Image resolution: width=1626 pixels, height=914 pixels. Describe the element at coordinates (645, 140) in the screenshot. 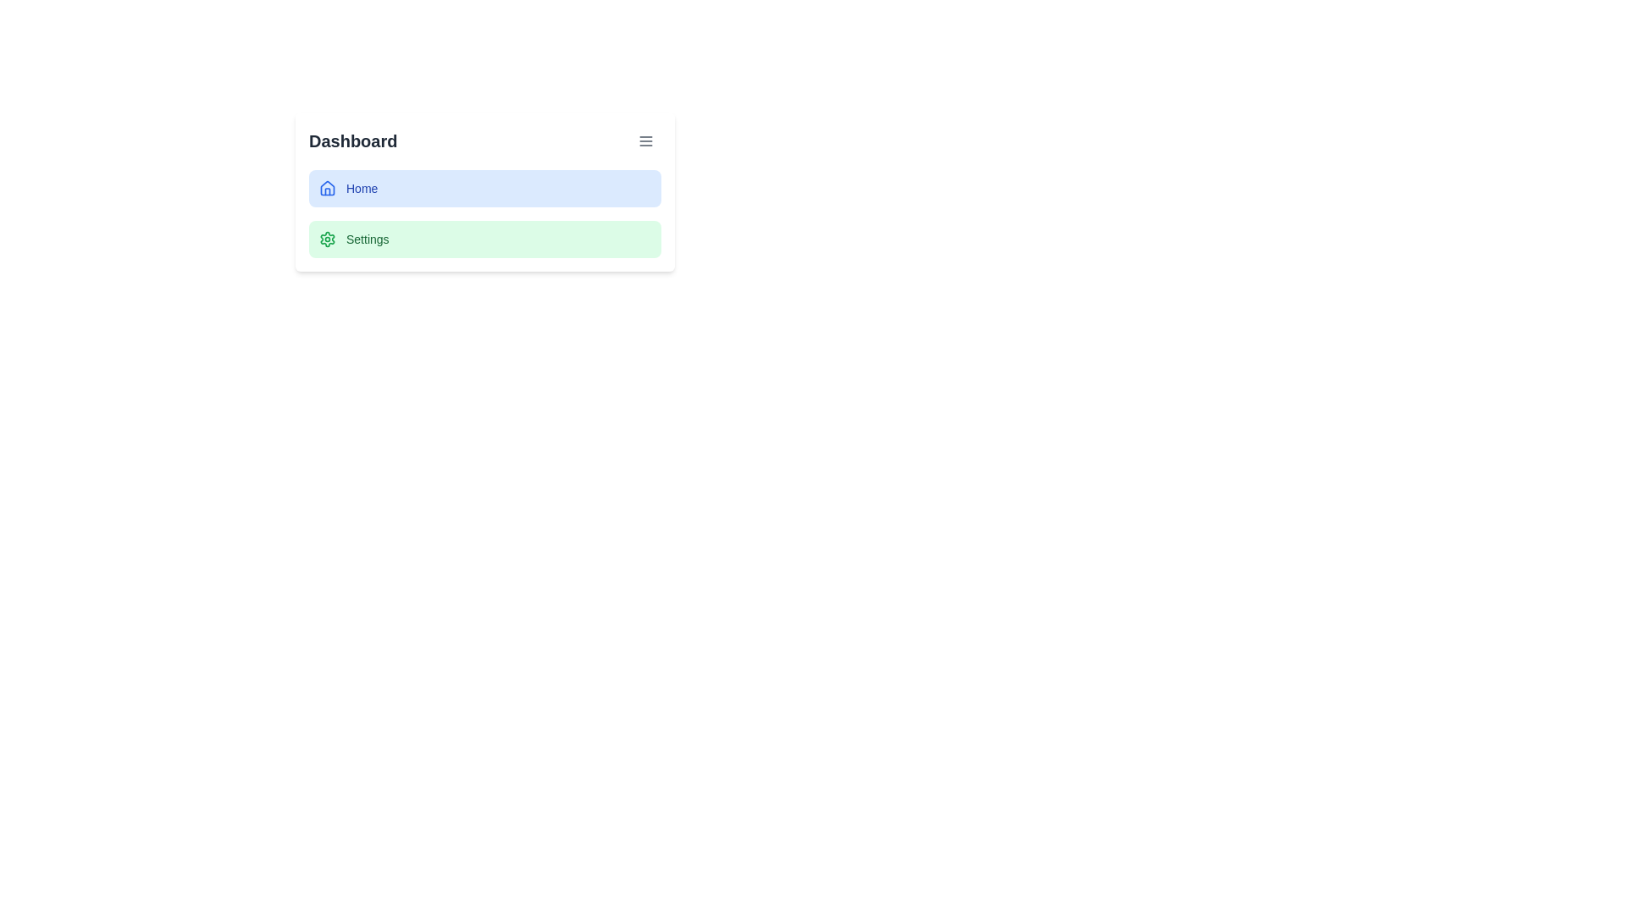

I see `the options icon located in the top-right corner of the 'Dashboard' content box` at that location.